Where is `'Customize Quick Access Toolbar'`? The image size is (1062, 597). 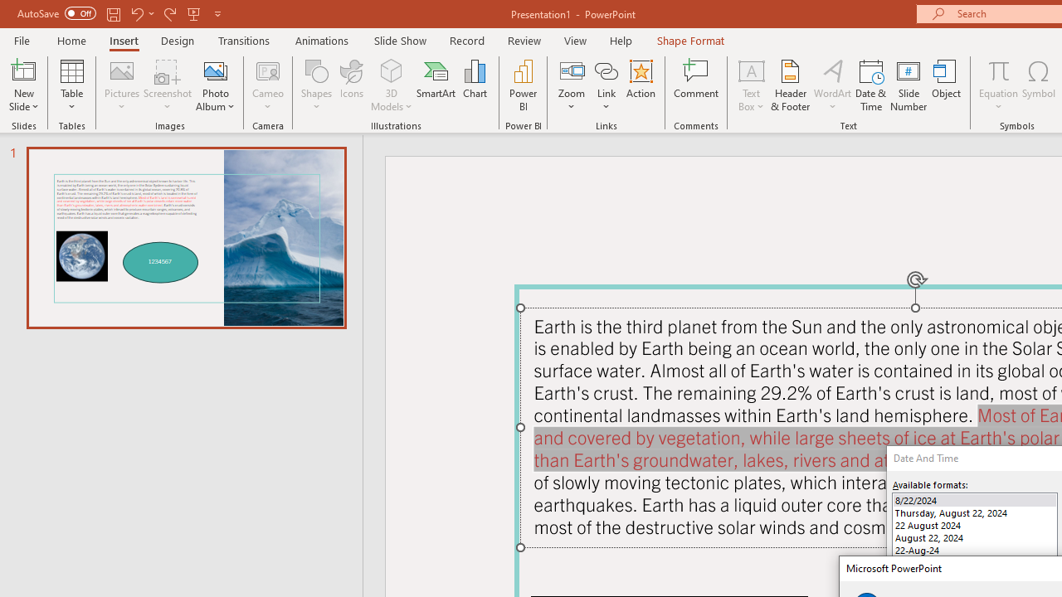 'Customize Quick Access Toolbar' is located at coordinates (217, 13).